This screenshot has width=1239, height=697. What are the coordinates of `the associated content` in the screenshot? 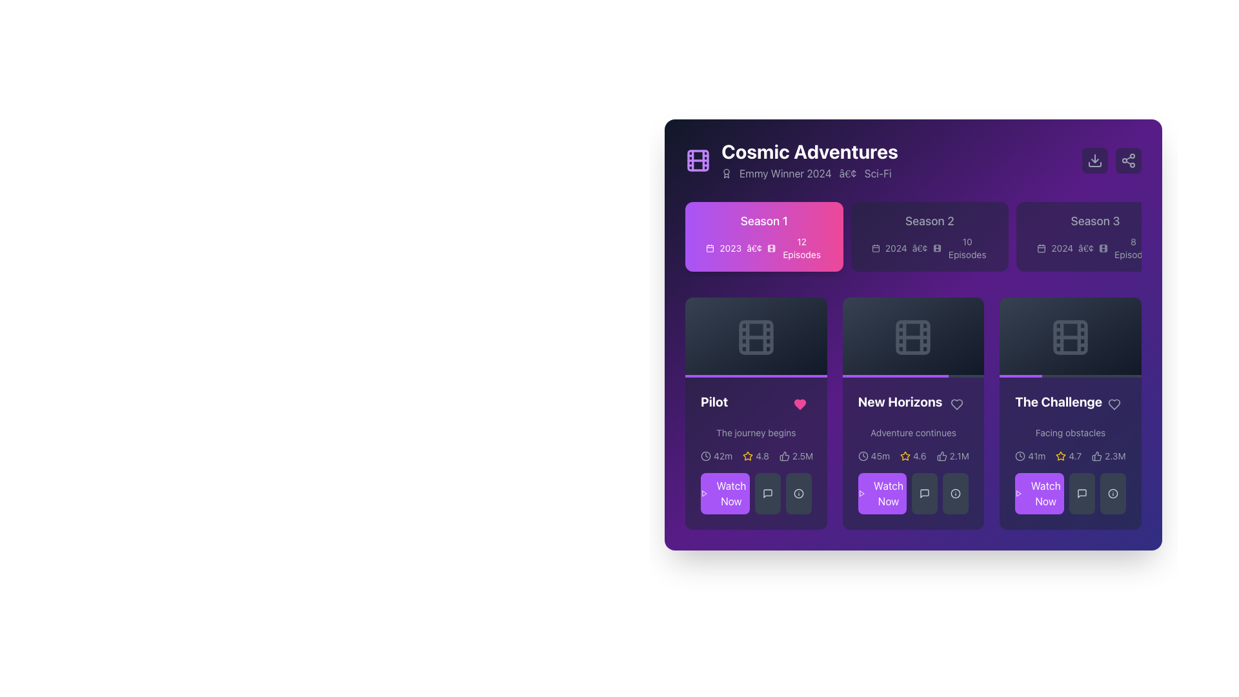 It's located at (900, 401).